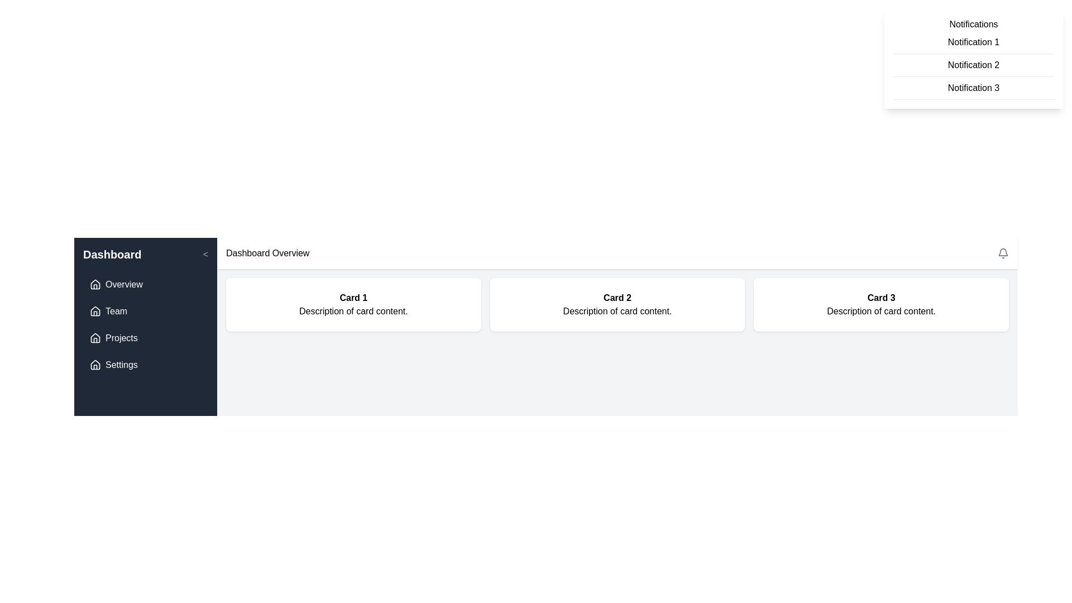 Image resolution: width=1072 pixels, height=603 pixels. I want to click on the 'Notification 3' text label, so click(973, 88).